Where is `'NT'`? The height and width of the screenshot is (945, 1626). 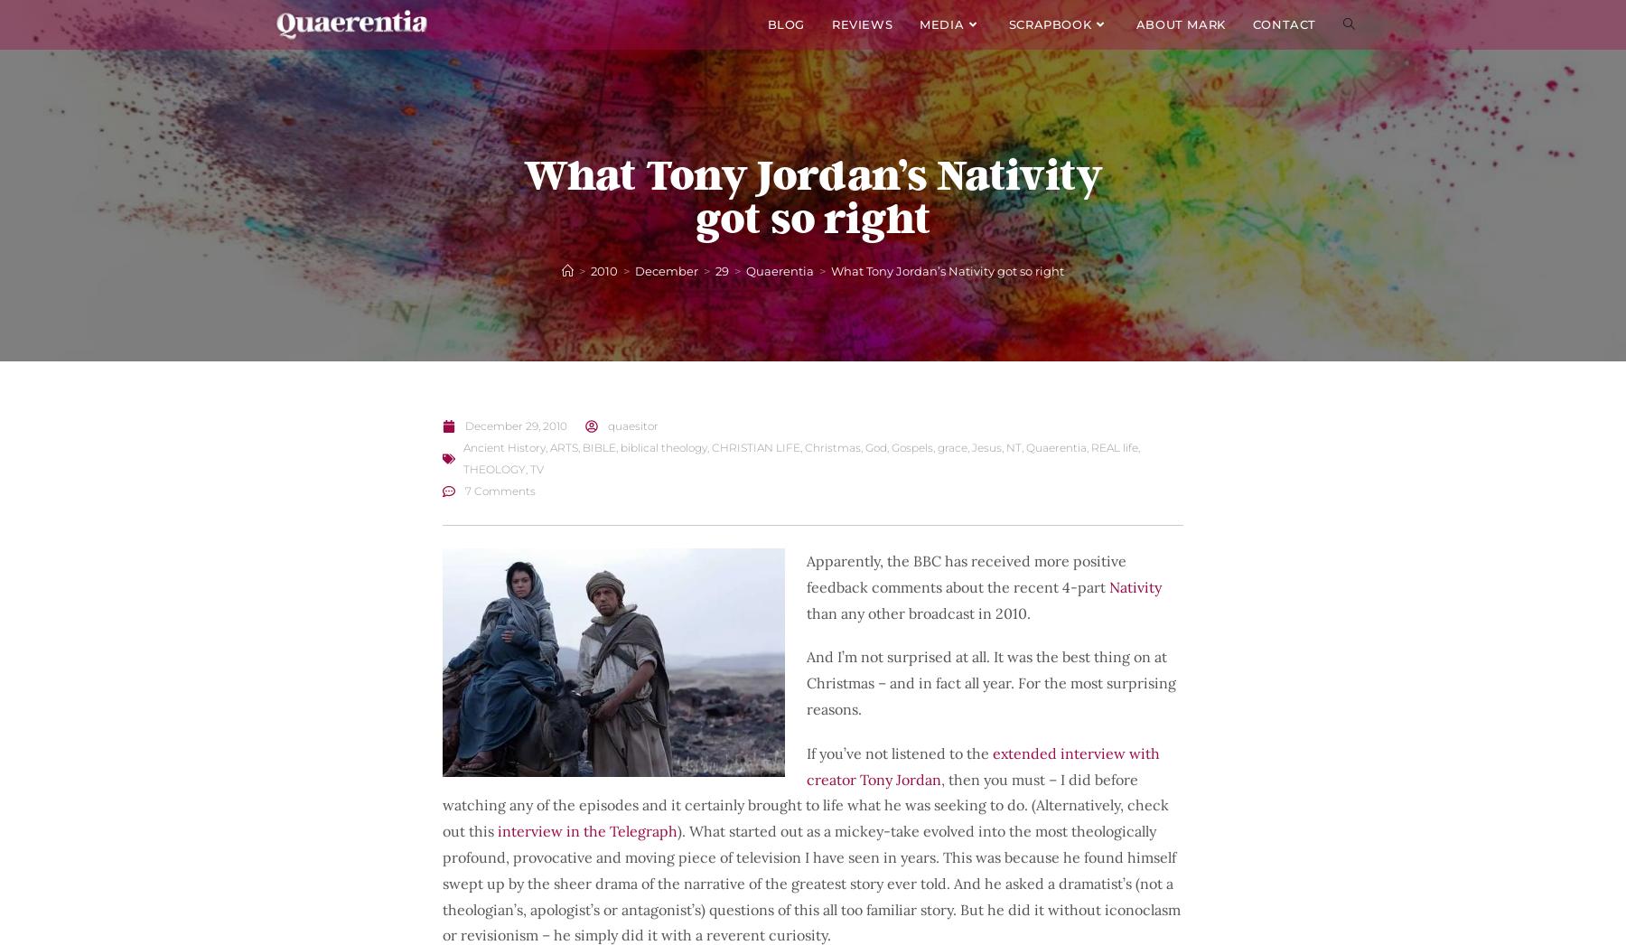 'NT' is located at coordinates (1006, 447).